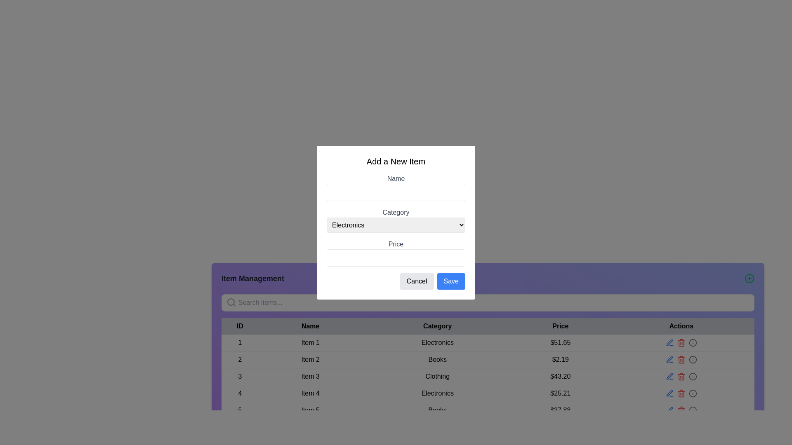 Image resolution: width=792 pixels, height=445 pixels. What do you see at coordinates (681, 359) in the screenshot?
I see `the delete icon button located in the Actions column of the second row in the table` at bounding box center [681, 359].